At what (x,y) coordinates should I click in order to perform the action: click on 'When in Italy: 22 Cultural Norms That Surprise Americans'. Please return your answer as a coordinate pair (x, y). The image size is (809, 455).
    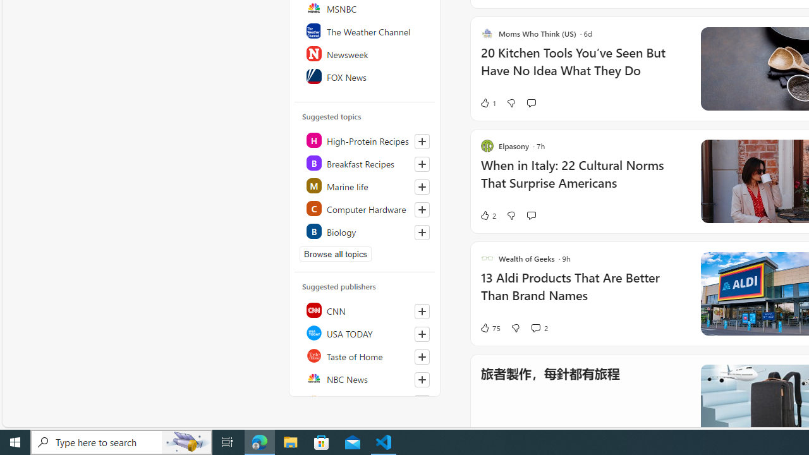
    Looking at the image, I should click on (582, 180).